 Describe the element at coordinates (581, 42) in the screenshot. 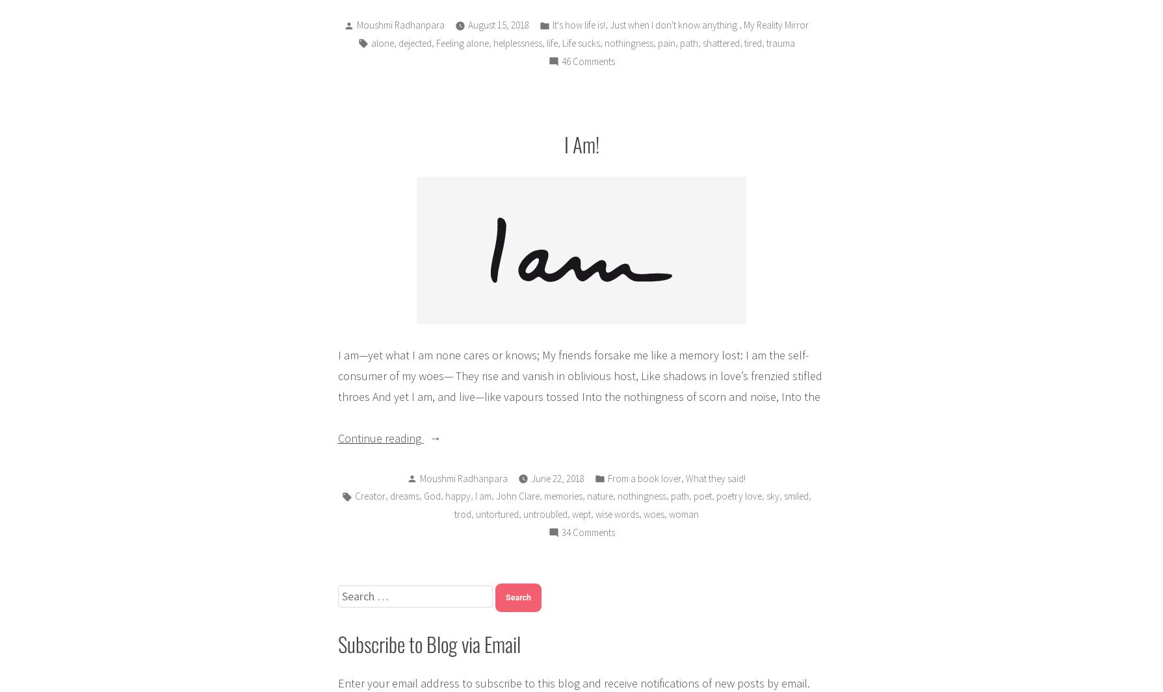

I see `'Life sucks'` at that location.